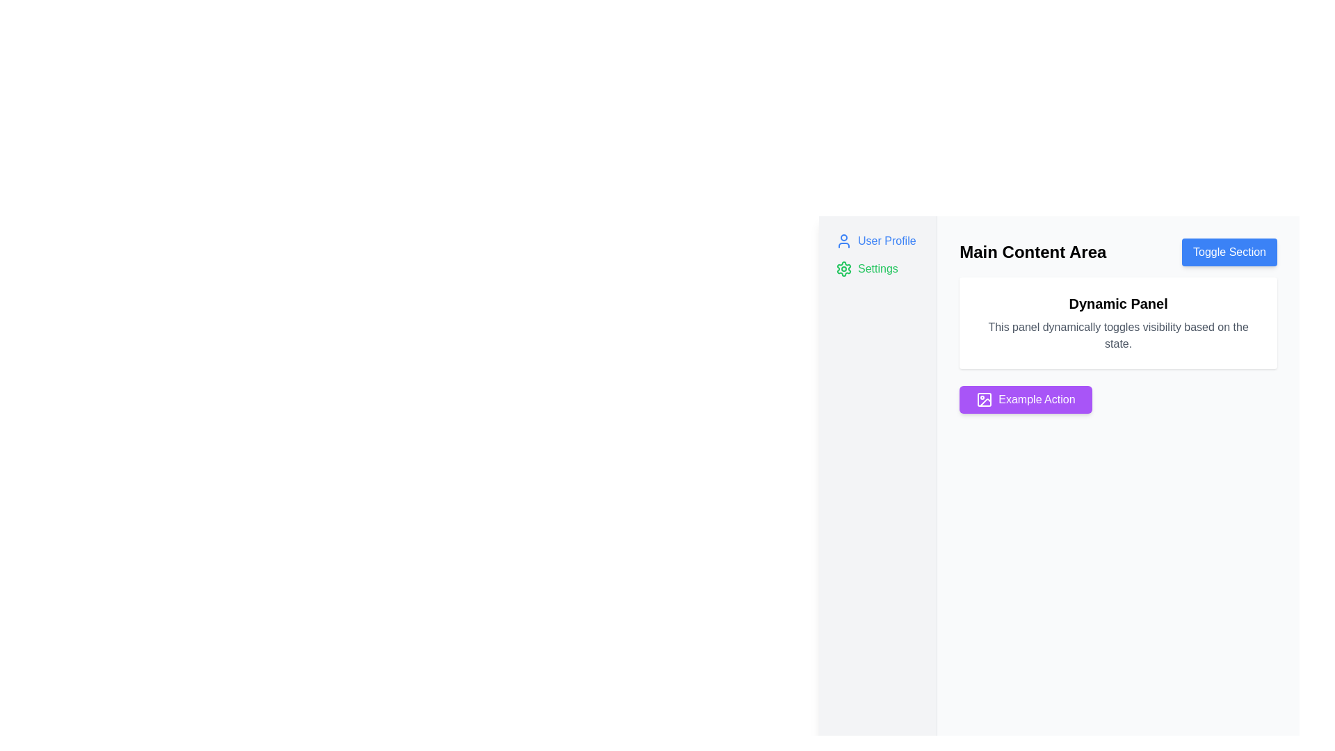 This screenshot has width=1335, height=751. I want to click on the purple-colored button labeled 'Example Action' which contains the decorative icon, located towards the lower right side of the content panel under the heading 'Dynamic Panel', so click(984, 399).